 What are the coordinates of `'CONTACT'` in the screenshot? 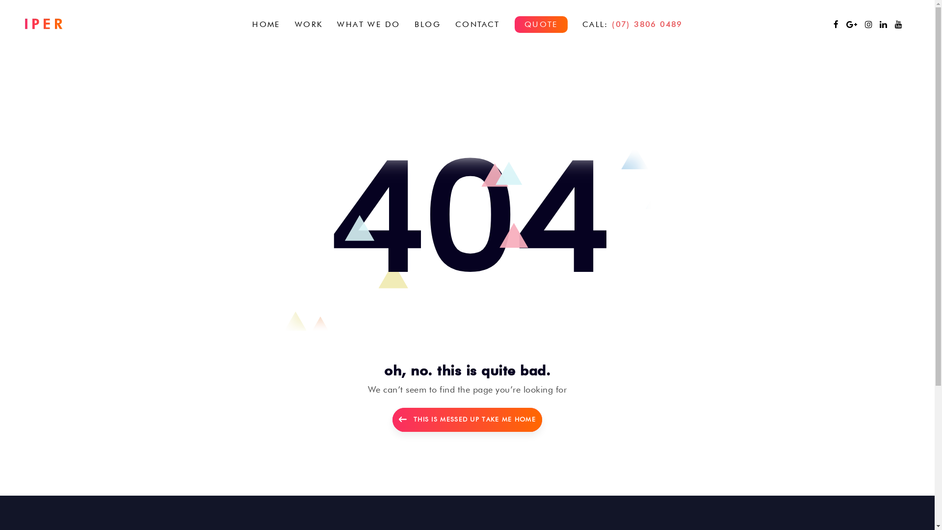 It's located at (477, 24).